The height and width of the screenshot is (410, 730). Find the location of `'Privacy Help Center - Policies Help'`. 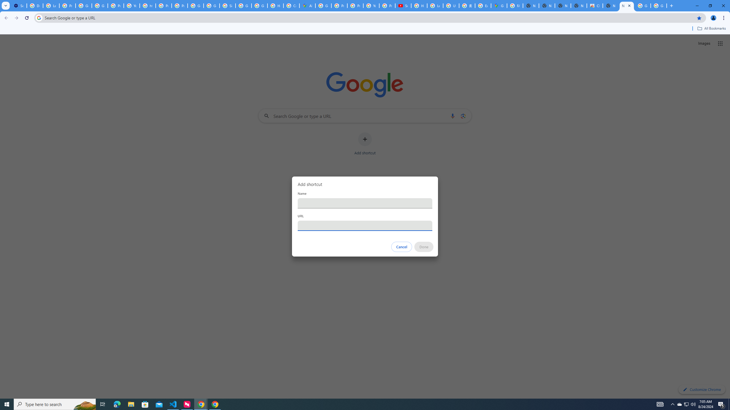

'Privacy Help Center - Policies Help' is located at coordinates (339, 5).